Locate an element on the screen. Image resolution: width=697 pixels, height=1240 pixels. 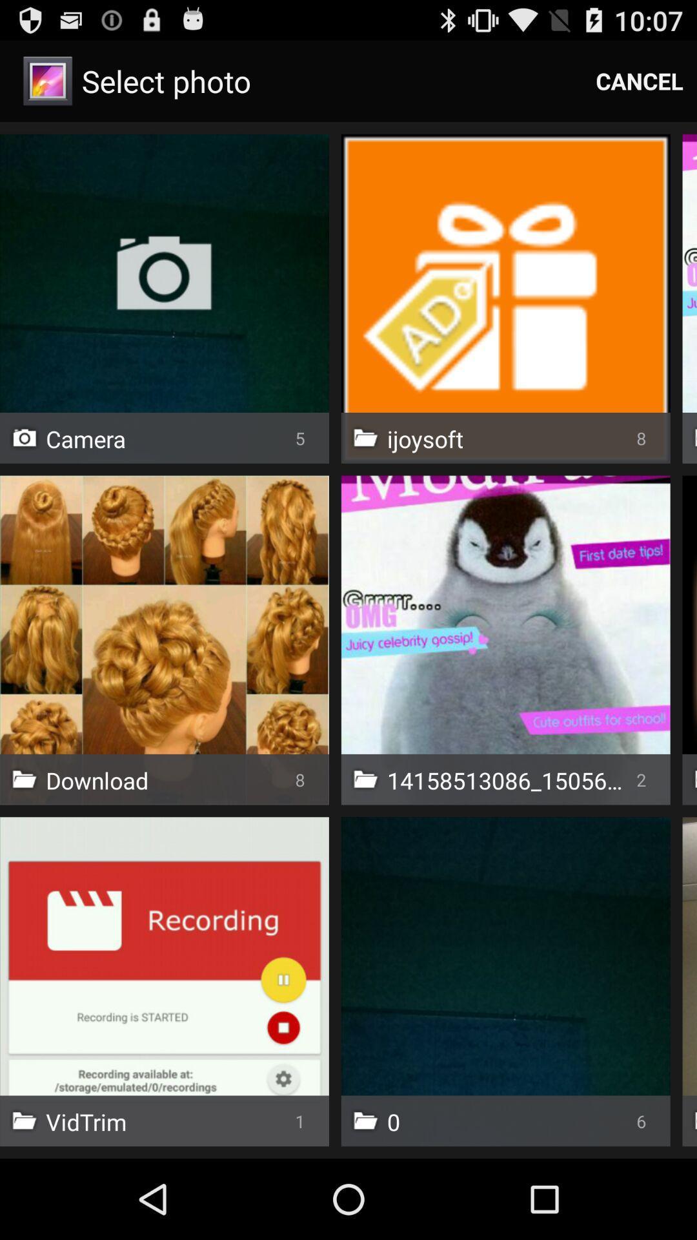
the icon to the right of the select photo icon is located at coordinates (640, 80).